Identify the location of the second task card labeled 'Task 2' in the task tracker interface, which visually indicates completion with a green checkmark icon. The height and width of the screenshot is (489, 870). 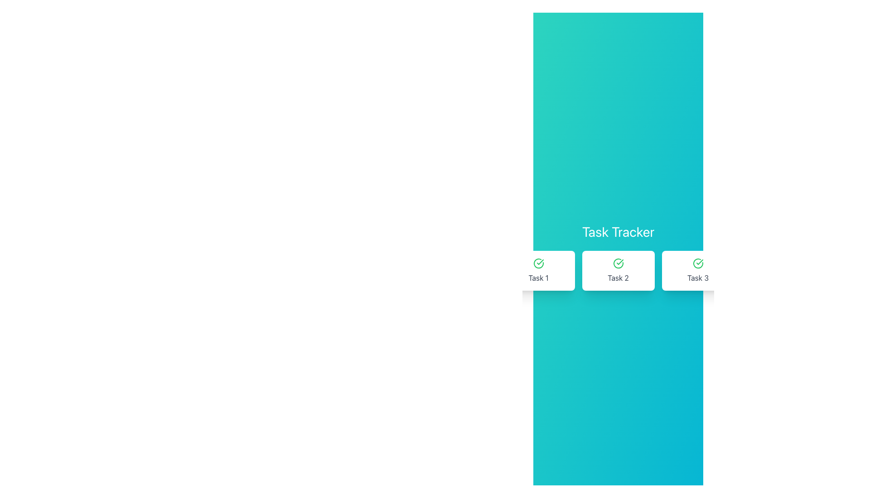
(618, 270).